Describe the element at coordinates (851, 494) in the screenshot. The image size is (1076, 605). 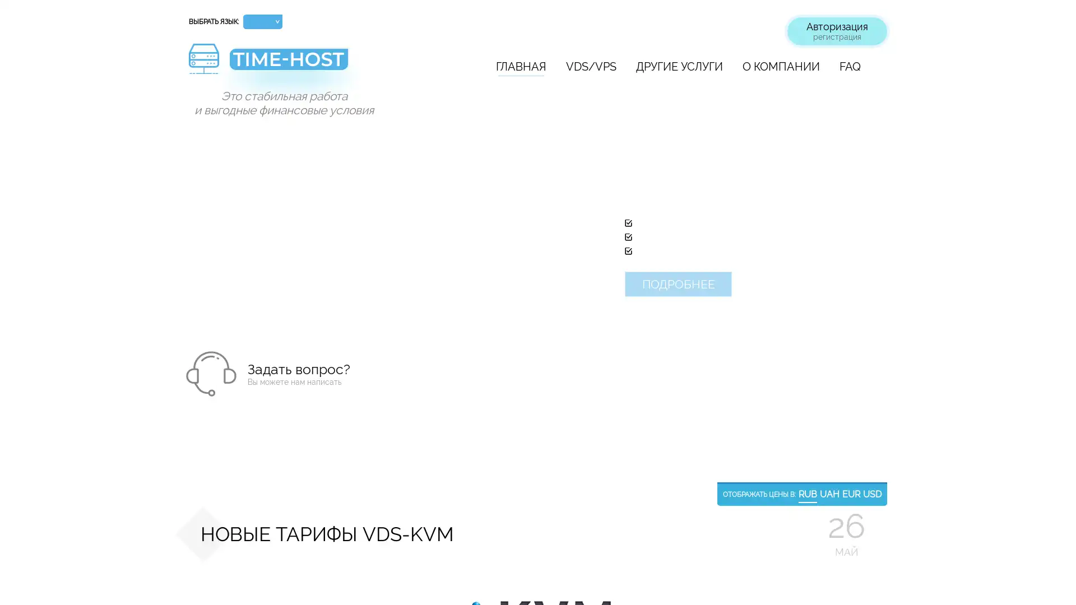
I see `EUR` at that location.